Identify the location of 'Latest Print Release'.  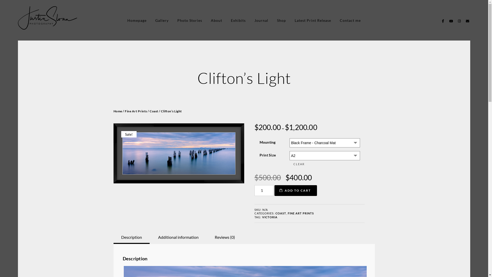
(312, 20).